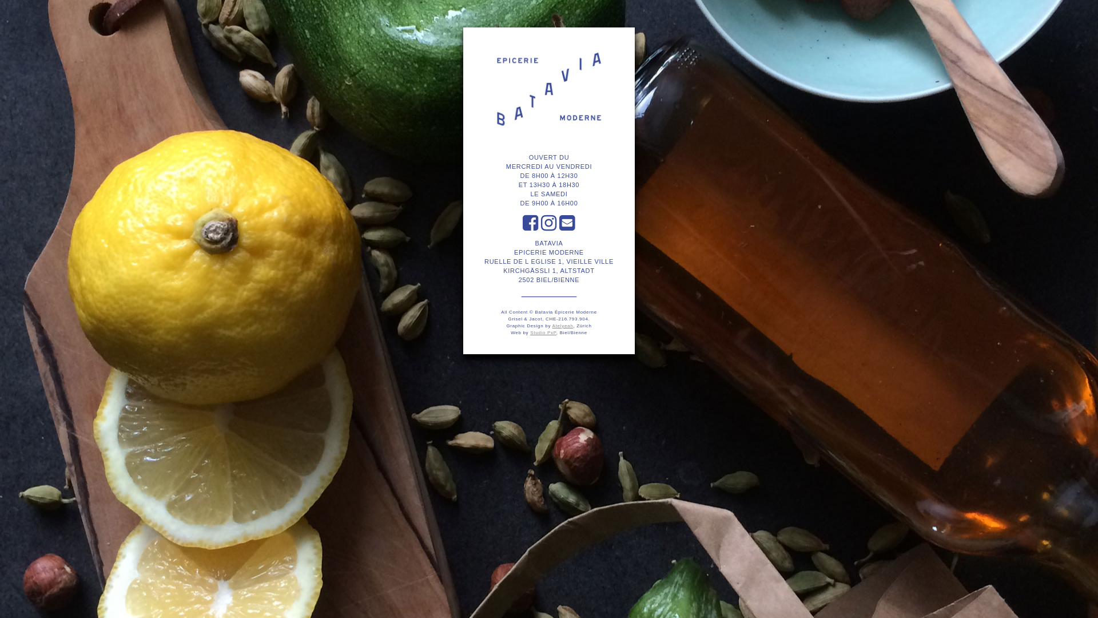 This screenshot has height=618, width=1098. I want to click on 'Studio PxP', so click(543, 332).